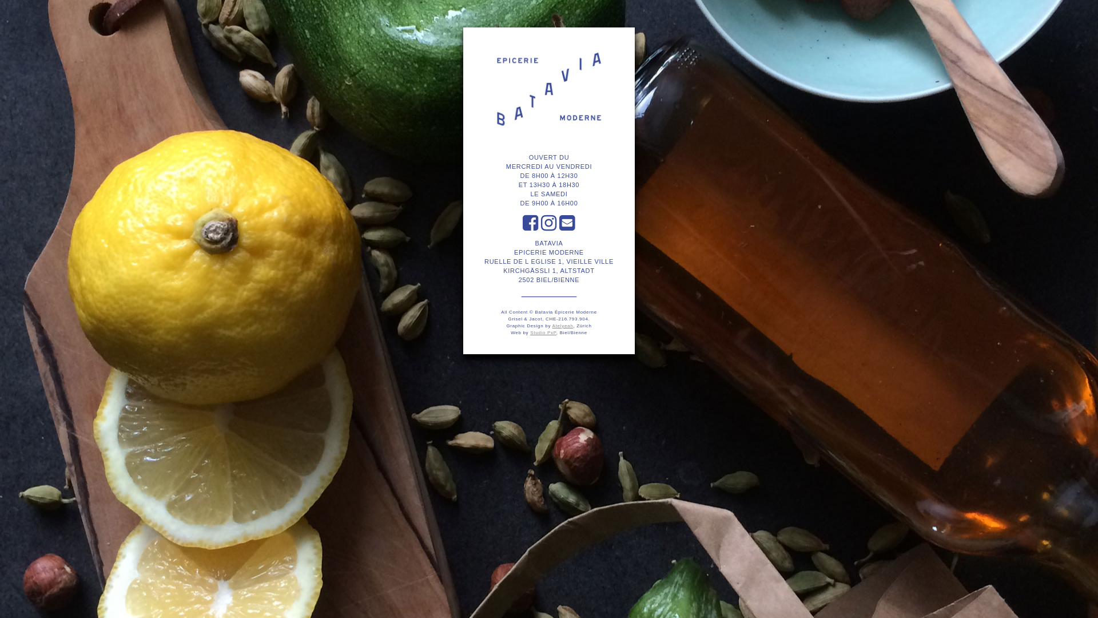 This screenshot has height=618, width=1098. I want to click on 'Studio PxP', so click(543, 332).